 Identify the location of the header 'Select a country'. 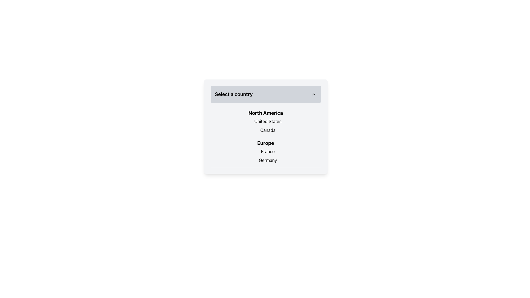
(266, 127).